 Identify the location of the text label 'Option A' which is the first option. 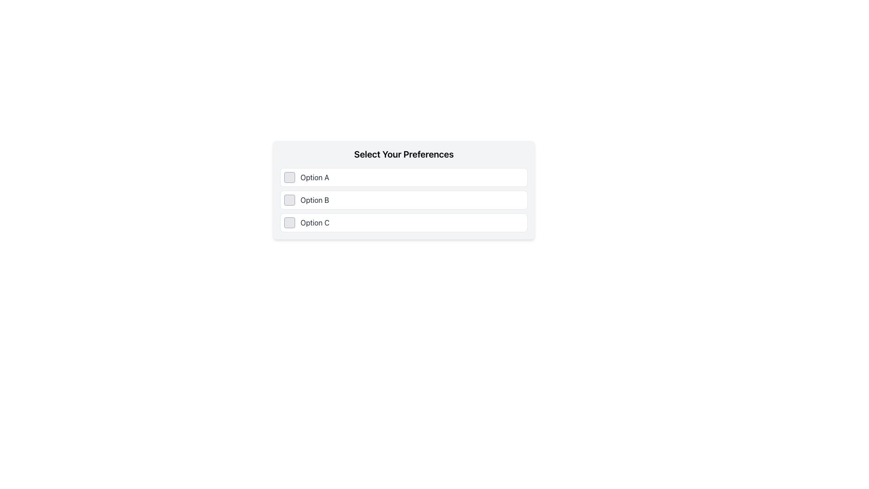
(315, 177).